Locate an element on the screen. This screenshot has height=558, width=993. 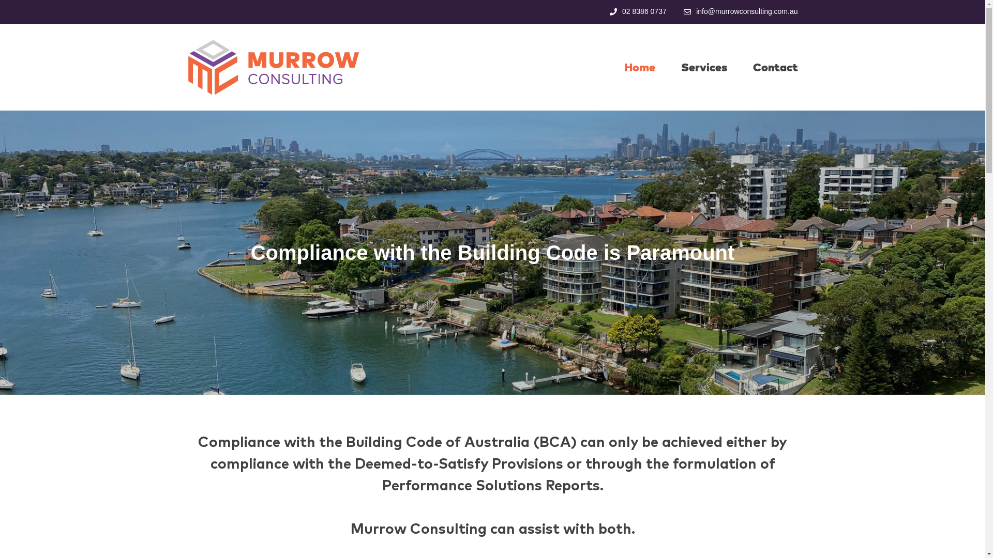
'02 8386 0737' is located at coordinates (608, 12).